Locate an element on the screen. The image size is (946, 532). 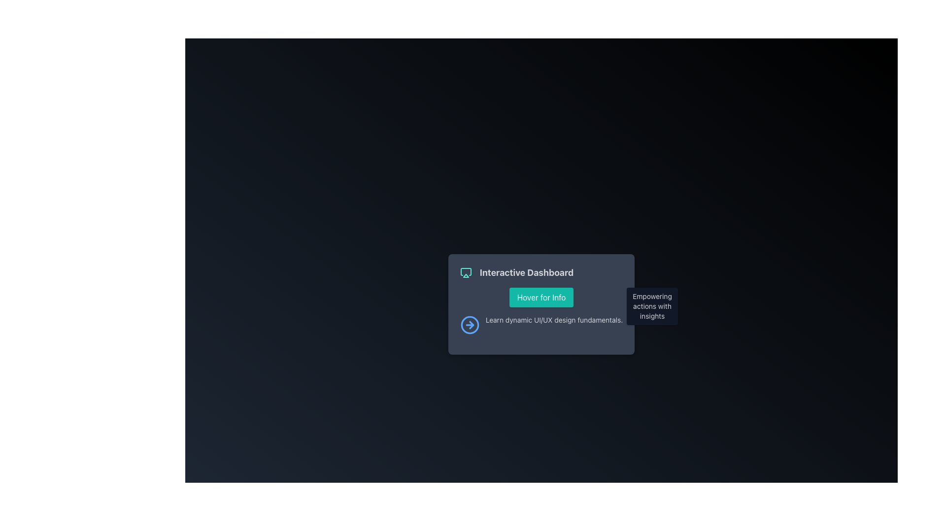
the circular graphic element that serves as a decorative part of the arrow graphic, positioned in the lower-left corner of the dialog box is located at coordinates (469, 325).